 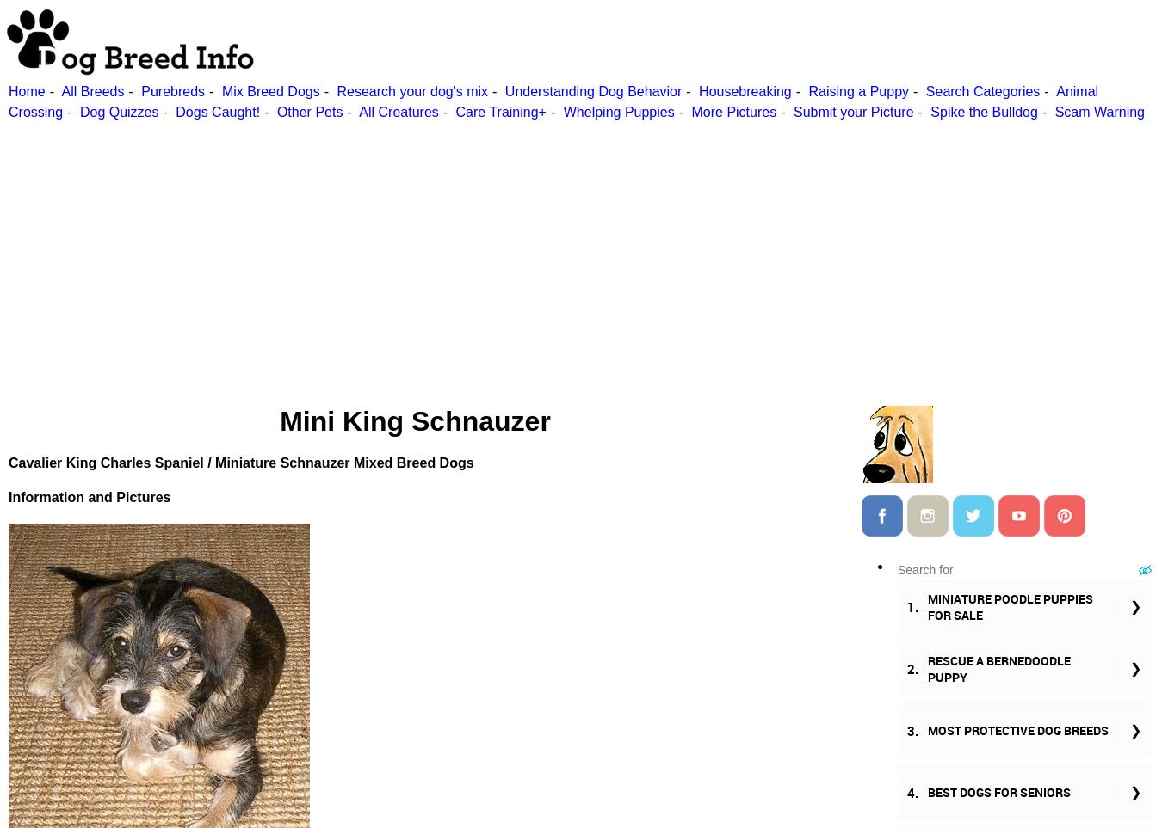 I want to click on 'Other Pets', so click(x=309, y=111).